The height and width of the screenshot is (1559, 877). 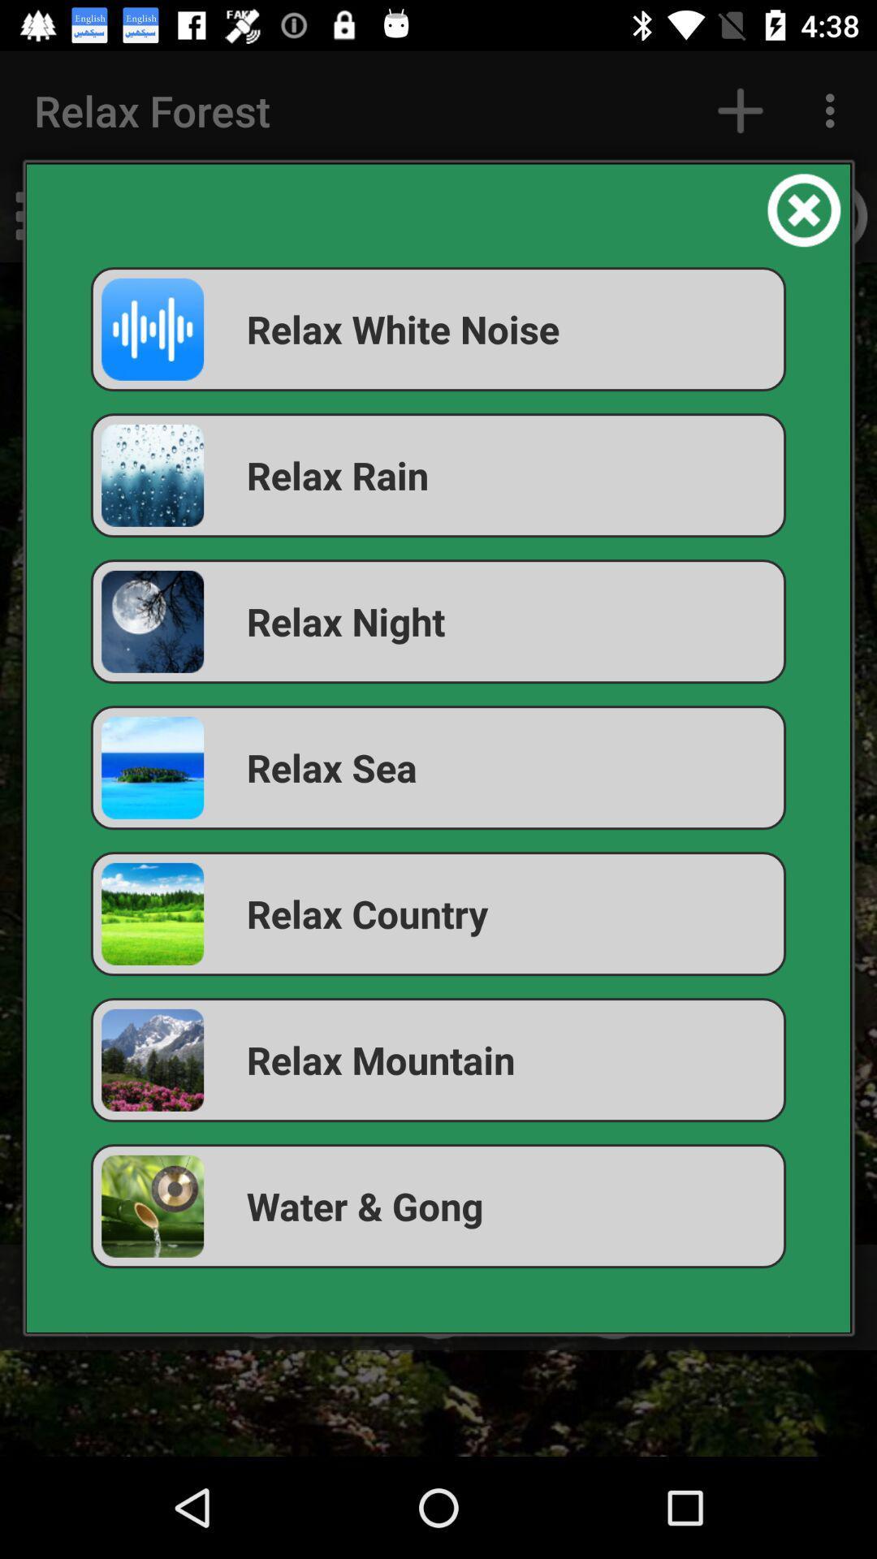 I want to click on relax rain item, so click(x=438, y=474).